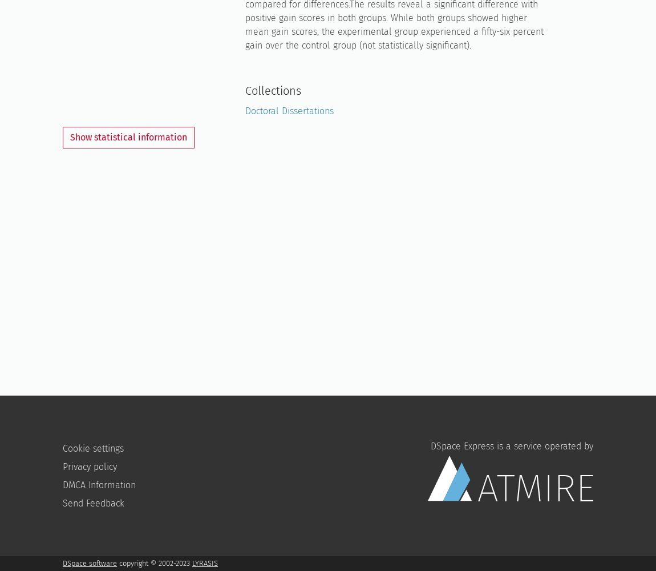 Image resolution: width=656 pixels, height=571 pixels. I want to click on 'Doctoral Dissertations', so click(289, 110).